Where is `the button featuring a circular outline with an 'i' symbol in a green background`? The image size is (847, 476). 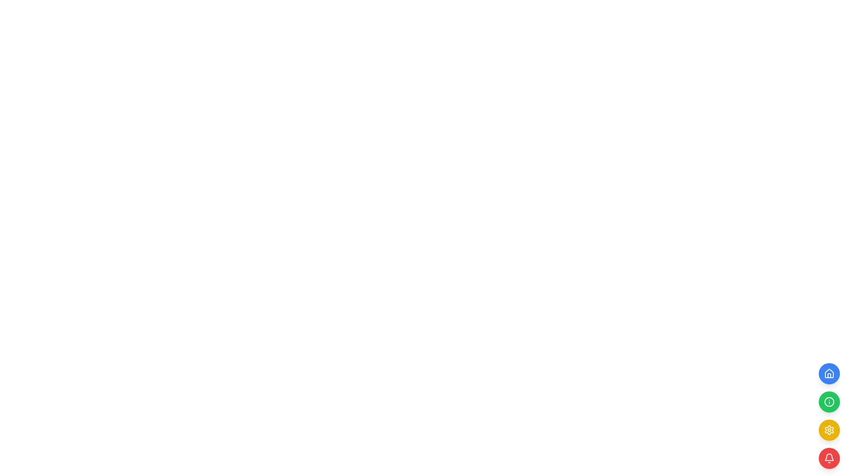 the button featuring a circular outline with an 'i' symbol in a green background is located at coordinates (829, 402).